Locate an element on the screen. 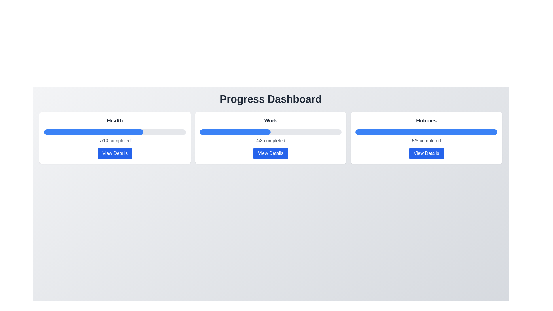  text label that displays '5/5 completed', which is positioned below the progress bar and above the 'View Details' button within the 'Hobbies' card is located at coordinates (426, 141).